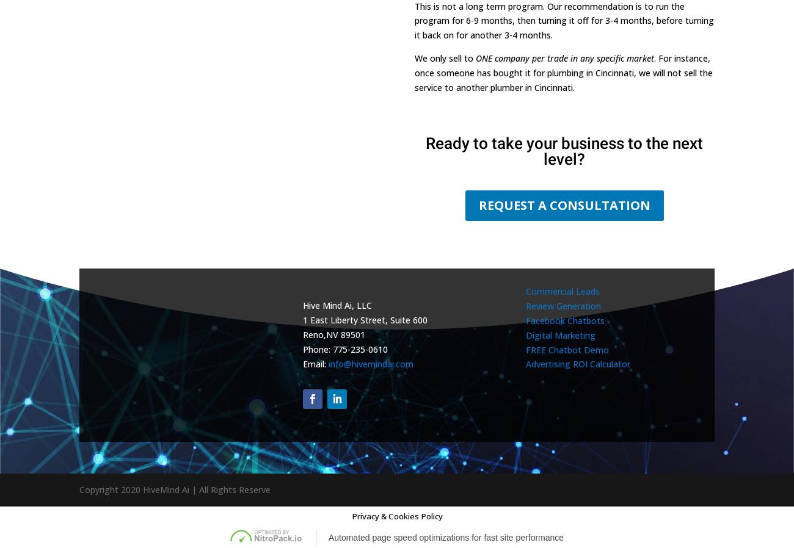 The width and height of the screenshot is (794, 548). I want to click on 'ONE company per trade in any specific market', so click(564, 57).